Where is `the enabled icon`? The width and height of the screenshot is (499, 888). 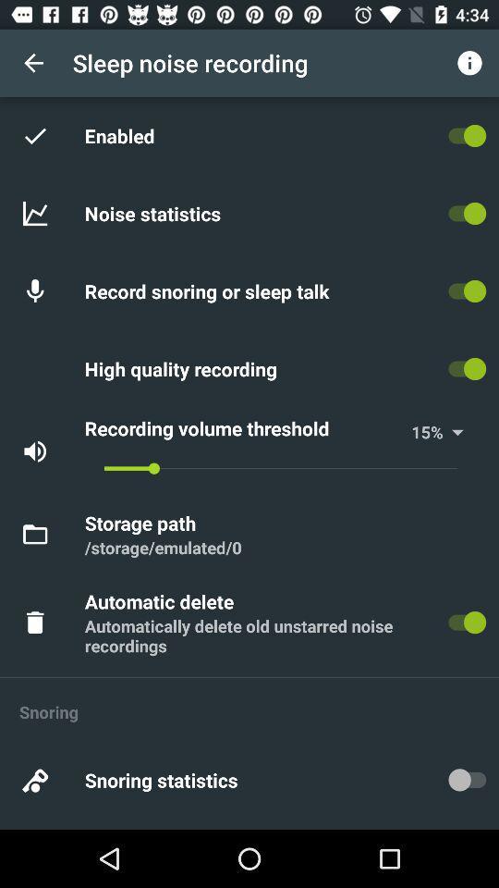
the enabled icon is located at coordinates (123, 134).